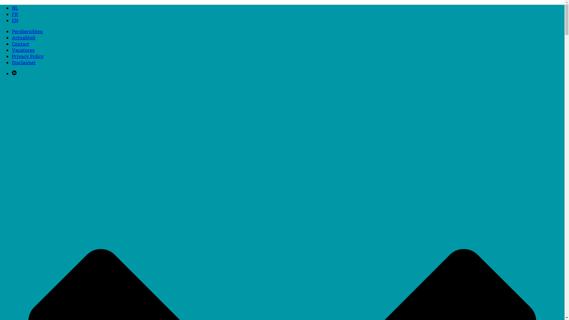 The height and width of the screenshot is (320, 569). What do you see at coordinates (12, 56) in the screenshot?
I see `'Privacy Policy'` at bounding box center [12, 56].